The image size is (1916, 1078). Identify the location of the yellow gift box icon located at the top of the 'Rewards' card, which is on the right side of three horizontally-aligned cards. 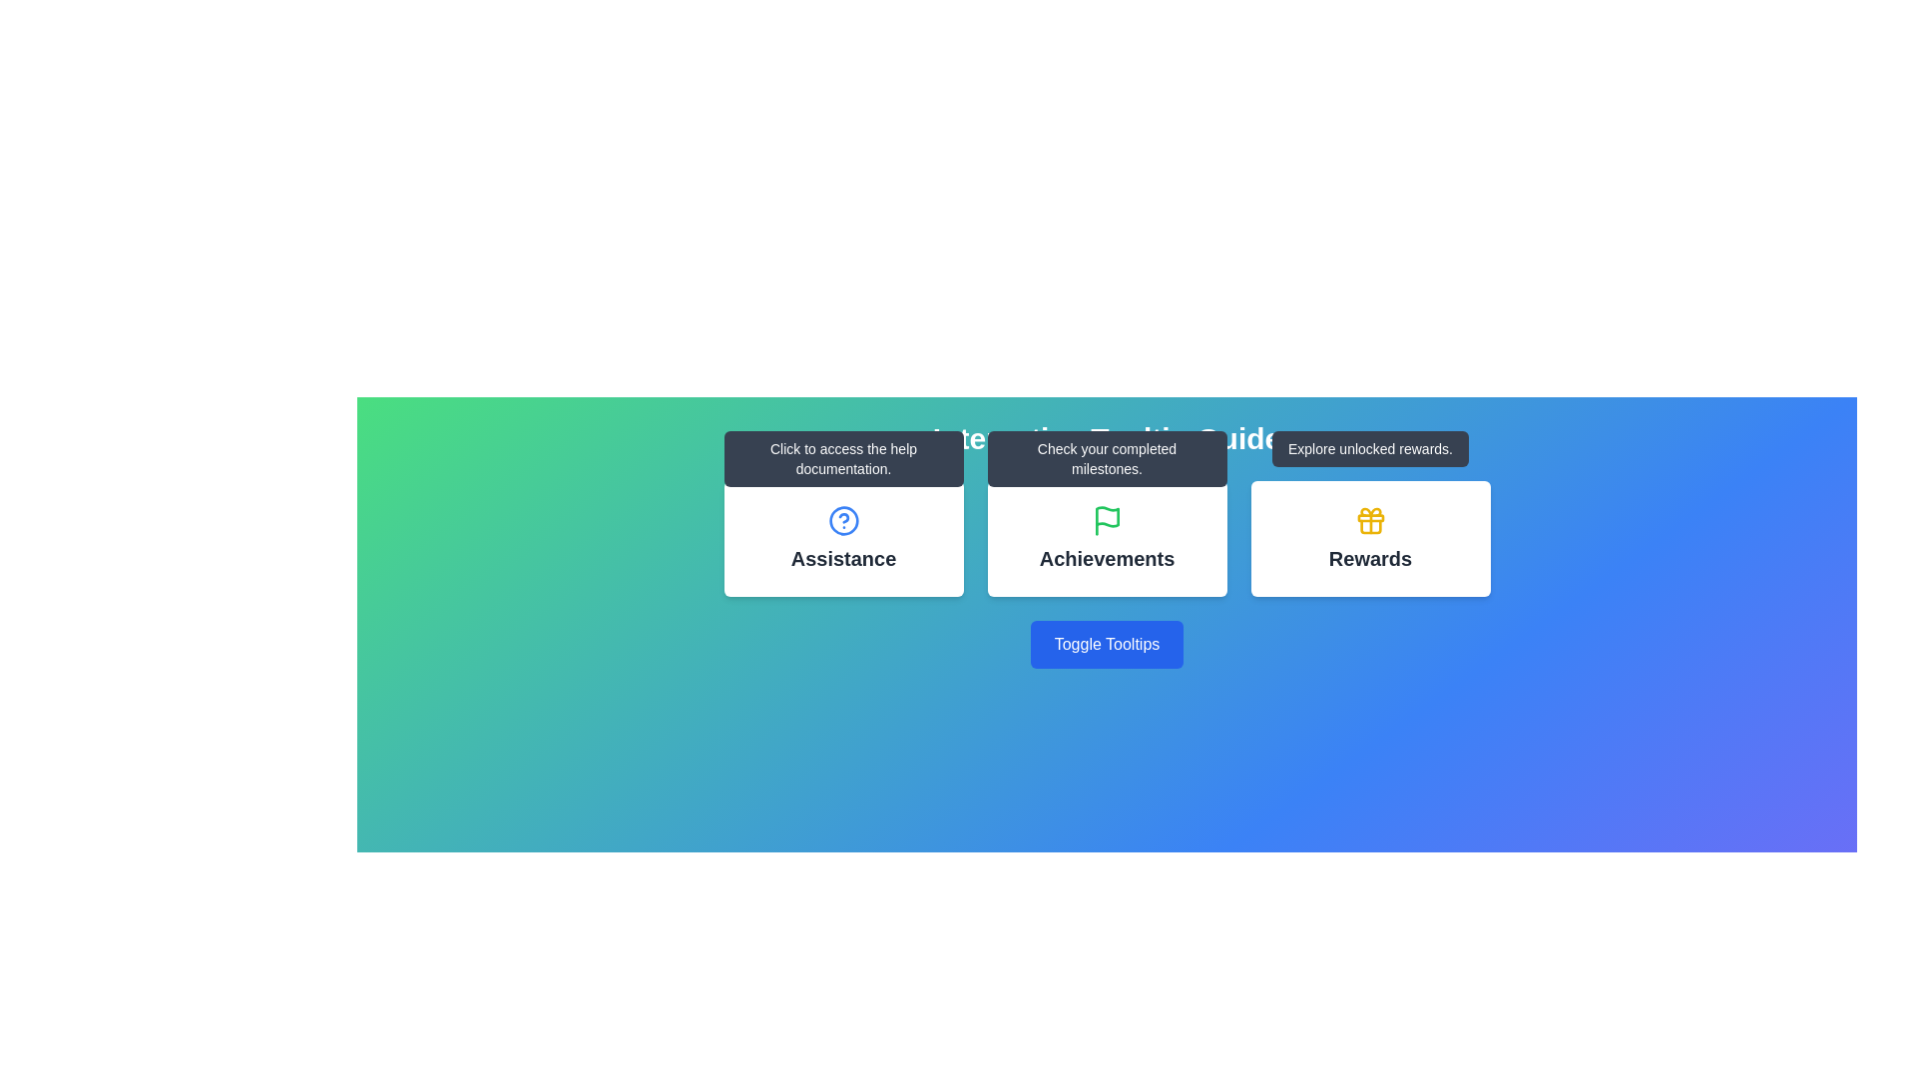
(1369, 519).